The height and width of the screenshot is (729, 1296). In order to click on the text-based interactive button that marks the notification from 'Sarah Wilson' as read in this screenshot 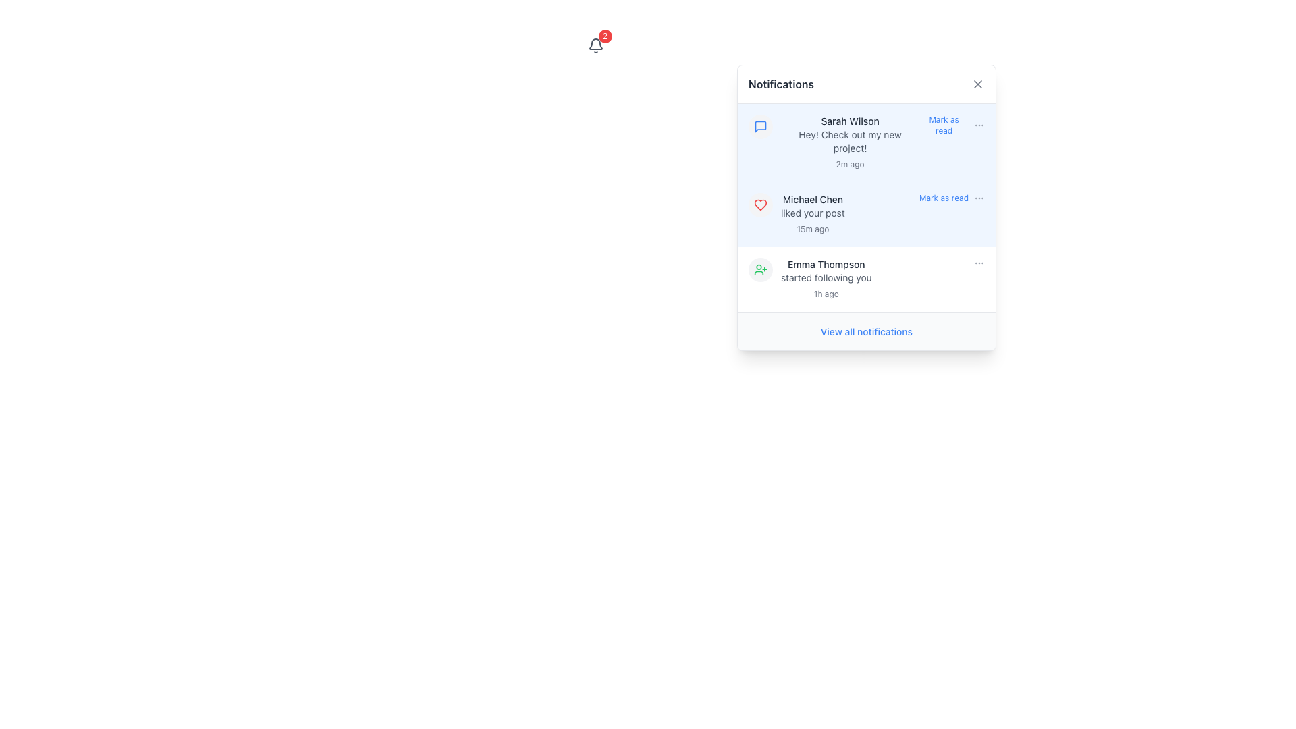, I will do `click(951, 125)`.